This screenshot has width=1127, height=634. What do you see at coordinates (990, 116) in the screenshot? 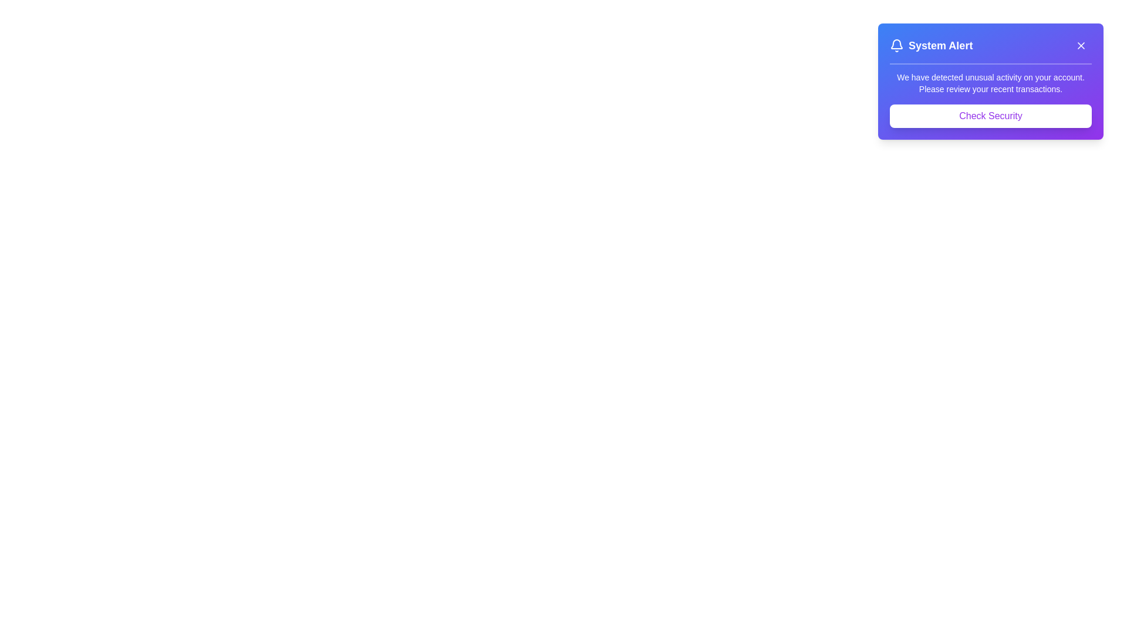
I see `the 'Check Security' button to navigate to the account security page` at bounding box center [990, 116].